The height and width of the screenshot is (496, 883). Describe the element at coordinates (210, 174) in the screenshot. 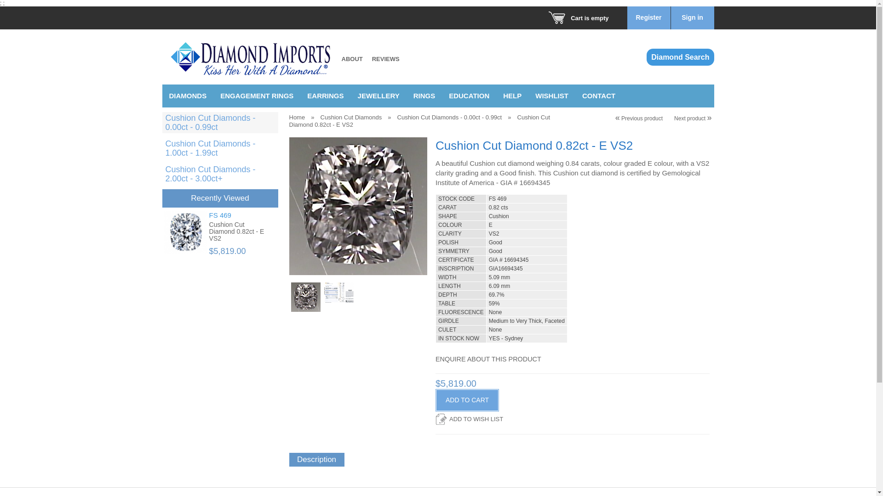

I see `'Cushion Cut Diamonds - 2.00ct - 3.00ct+'` at that location.